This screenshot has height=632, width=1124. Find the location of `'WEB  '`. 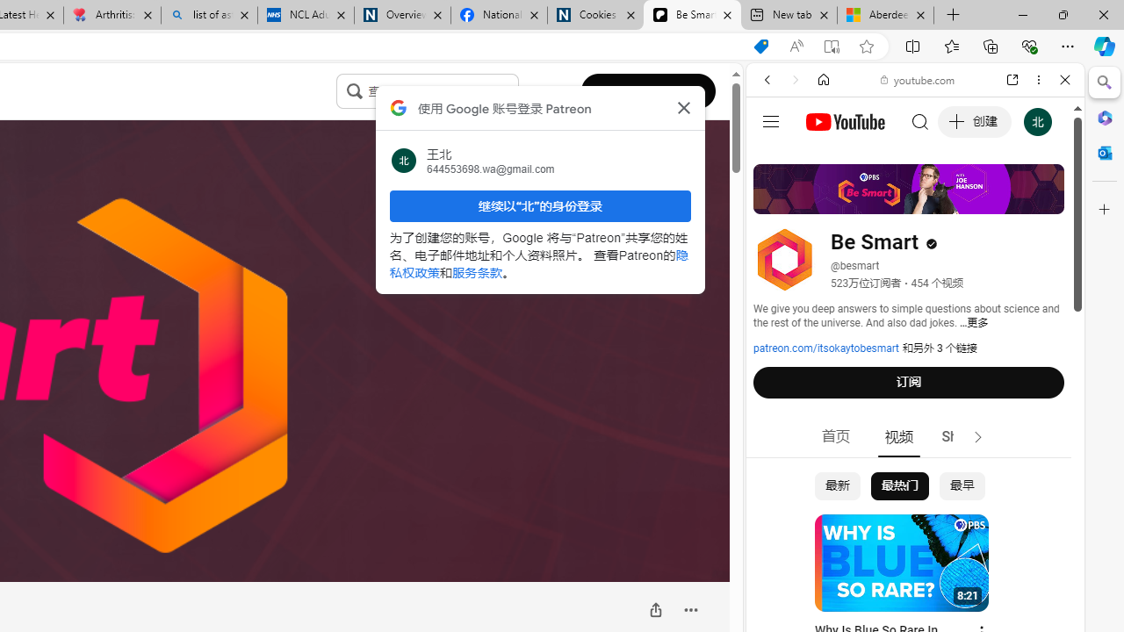

'WEB  ' is located at coordinates (774, 199).